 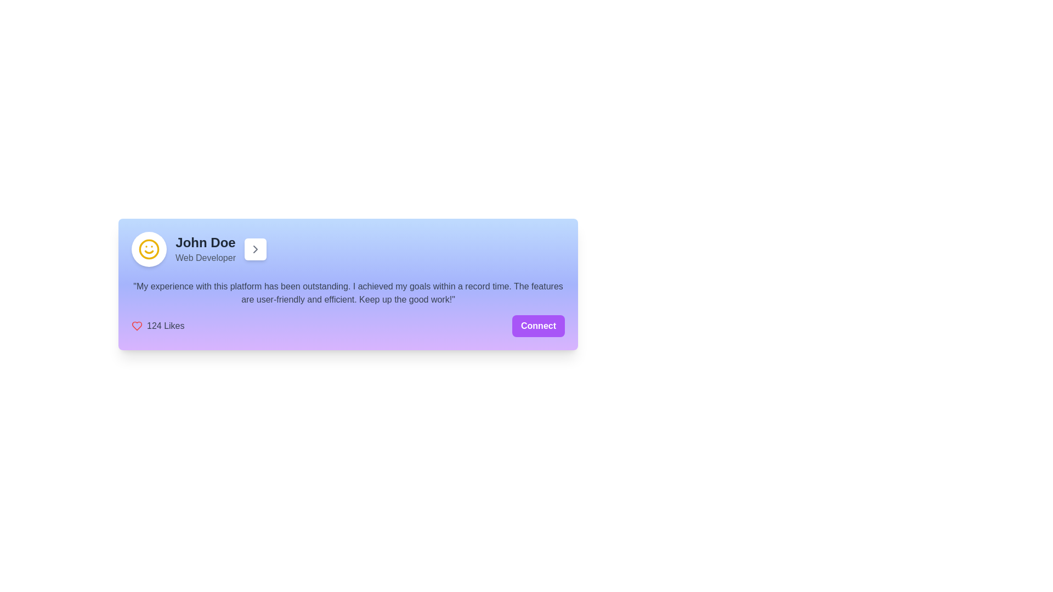 What do you see at coordinates (347, 293) in the screenshot?
I see `the text block containing the testimonial by 'John Doe, Web Developer', which has a dark gray font and is centrally located in the lower middle section of the card` at bounding box center [347, 293].